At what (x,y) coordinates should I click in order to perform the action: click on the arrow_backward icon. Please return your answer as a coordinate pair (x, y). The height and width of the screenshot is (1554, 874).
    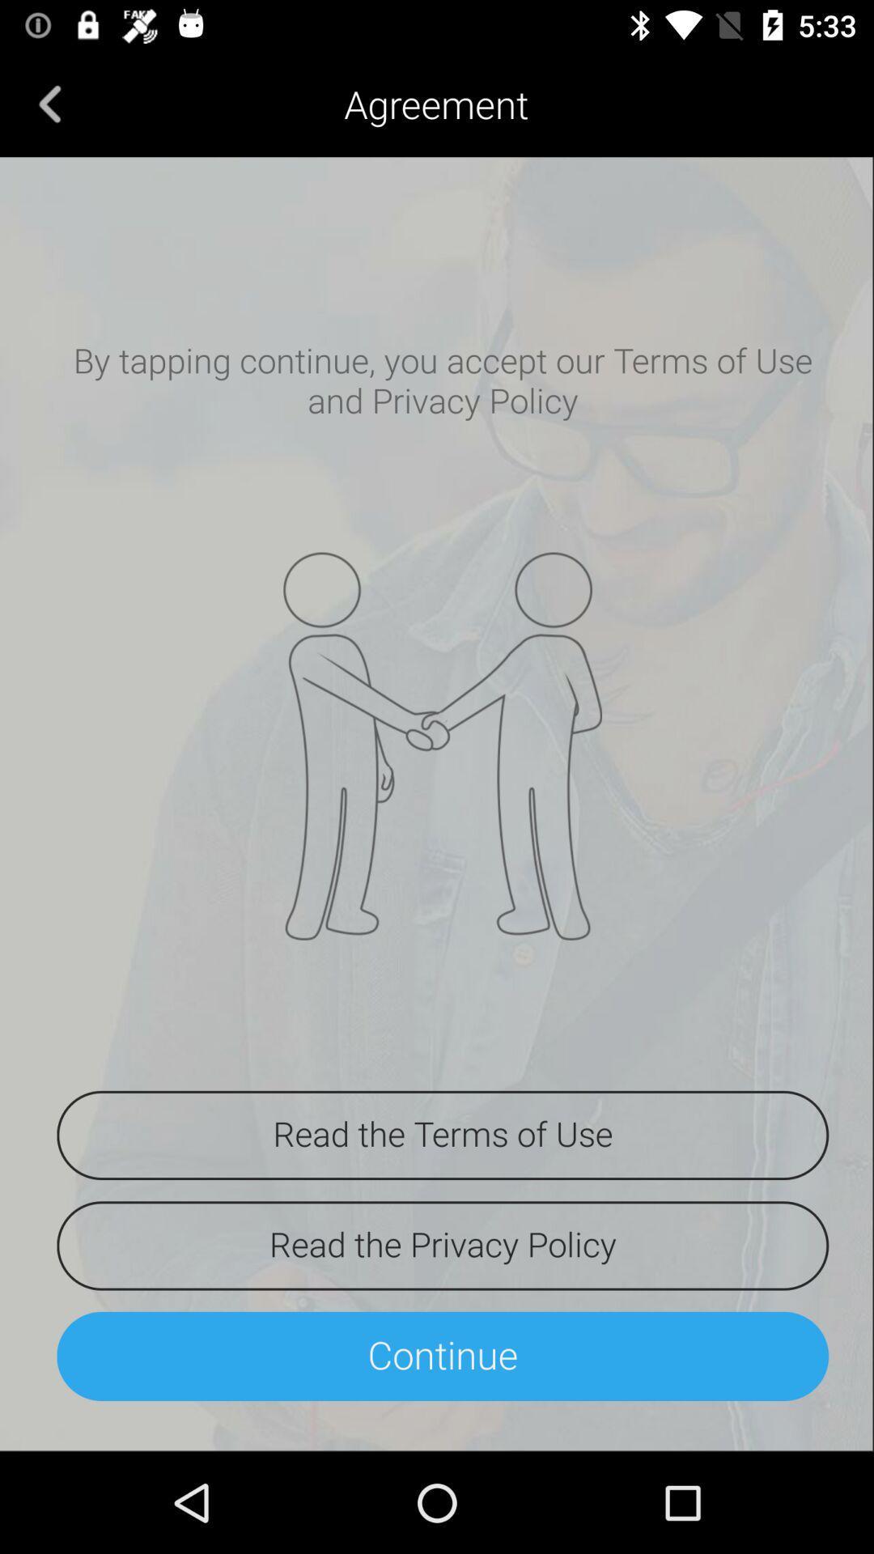
    Looking at the image, I should click on (49, 103).